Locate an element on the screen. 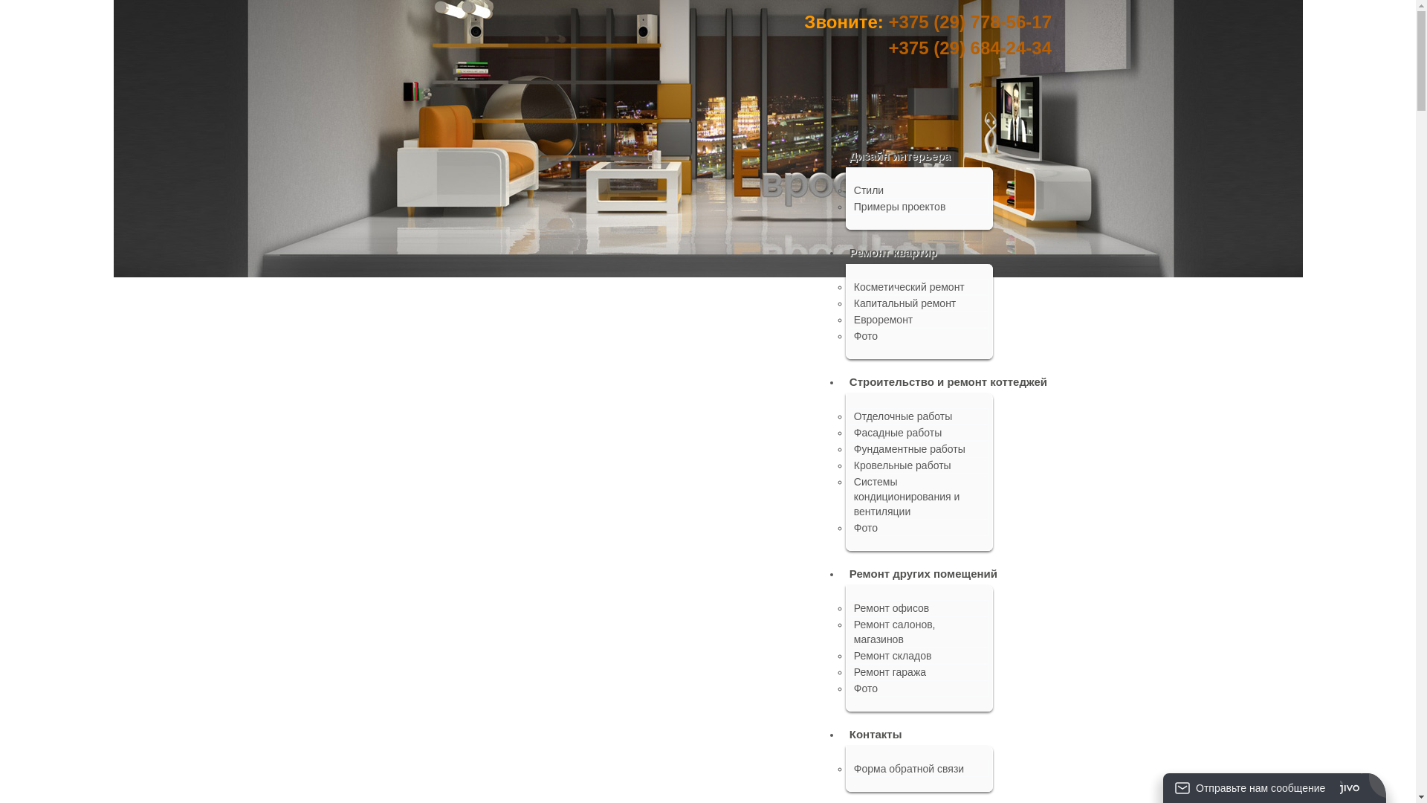 The width and height of the screenshot is (1427, 803). '+375 (29) 778-56-17' is located at coordinates (970, 22).